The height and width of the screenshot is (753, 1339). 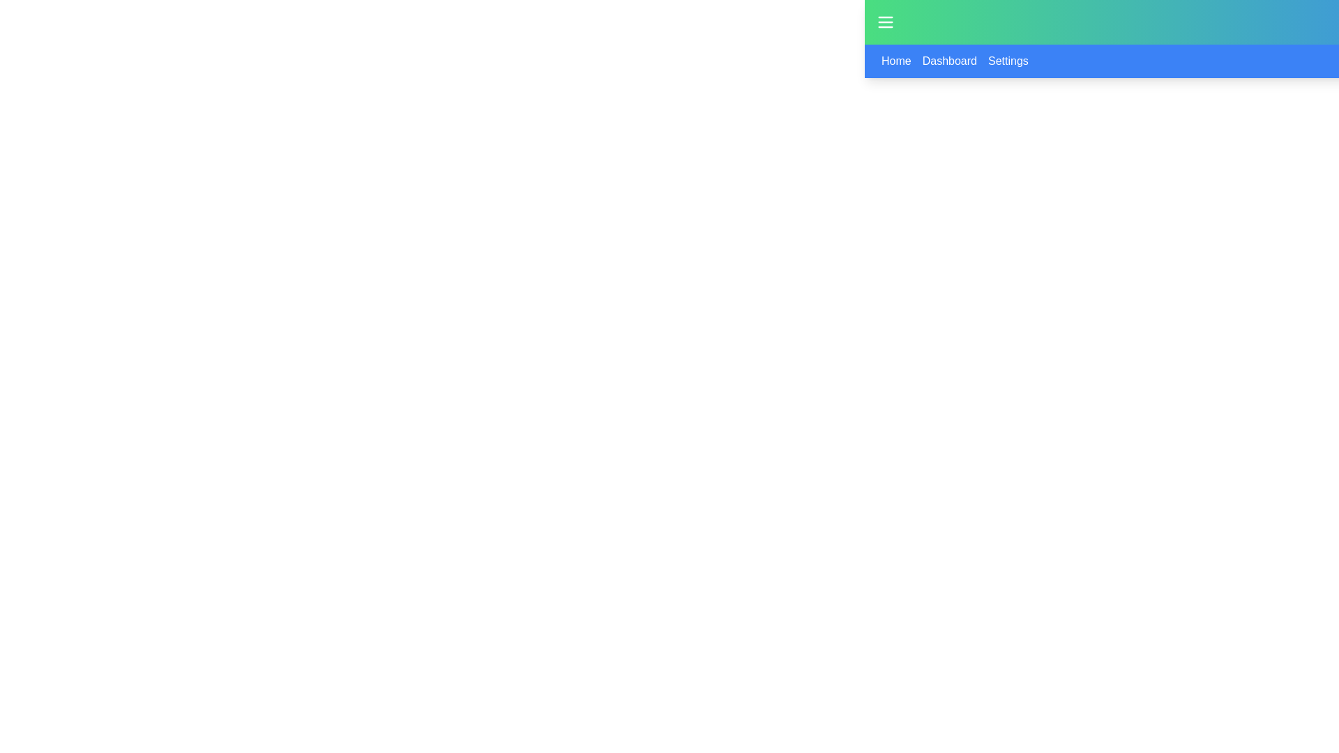 What do you see at coordinates (948, 61) in the screenshot?
I see `the 'Dashboard' text-based link in the navigation bar` at bounding box center [948, 61].